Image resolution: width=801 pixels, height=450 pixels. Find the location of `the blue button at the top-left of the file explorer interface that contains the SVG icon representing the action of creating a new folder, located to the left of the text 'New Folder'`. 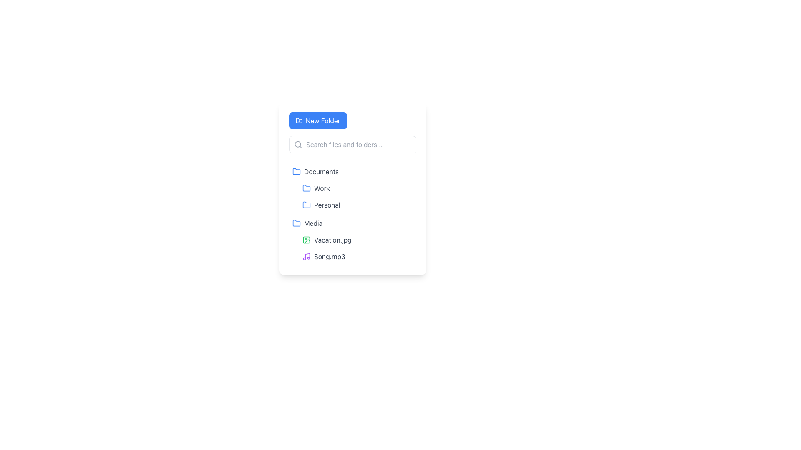

the blue button at the top-left of the file explorer interface that contains the SVG icon representing the action of creating a new folder, located to the left of the text 'New Folder' is located at coordinates (299, 120).